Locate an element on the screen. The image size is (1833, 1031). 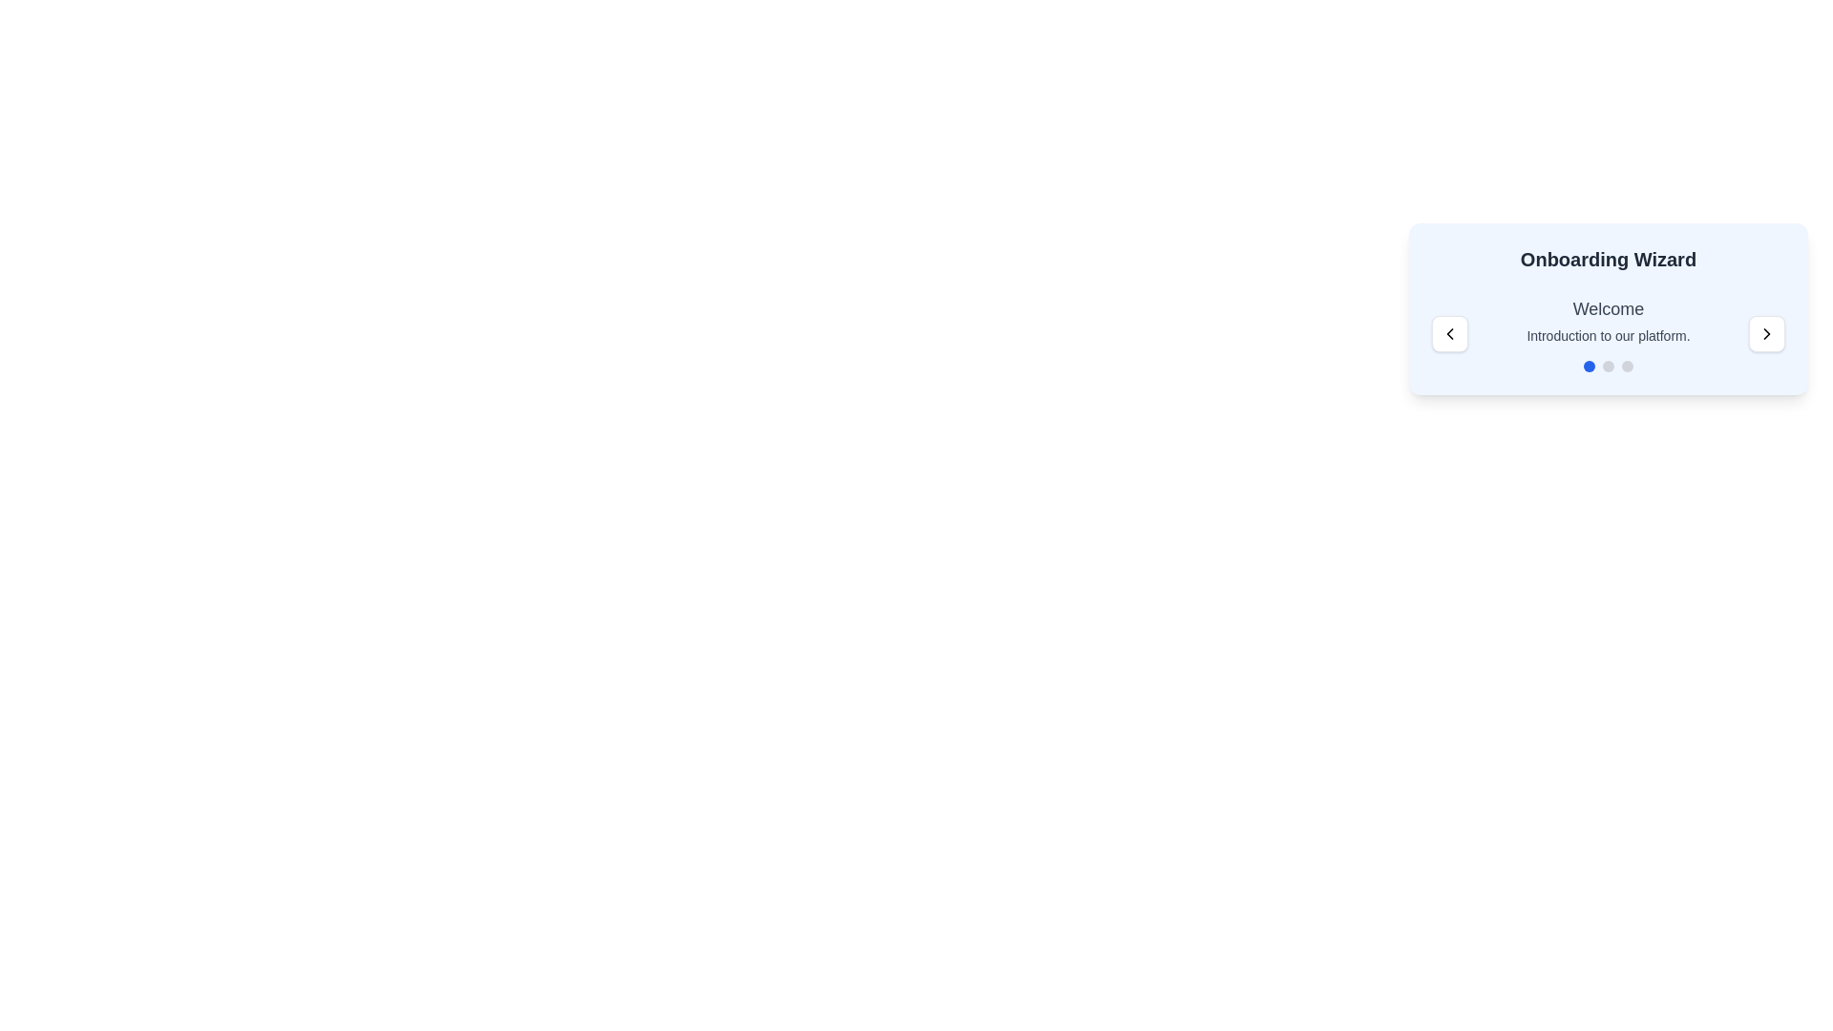
introductory text block that greets and informs the user about the platform, located centrally above the circular navigation indicators is located at coordinates (1607, 319).